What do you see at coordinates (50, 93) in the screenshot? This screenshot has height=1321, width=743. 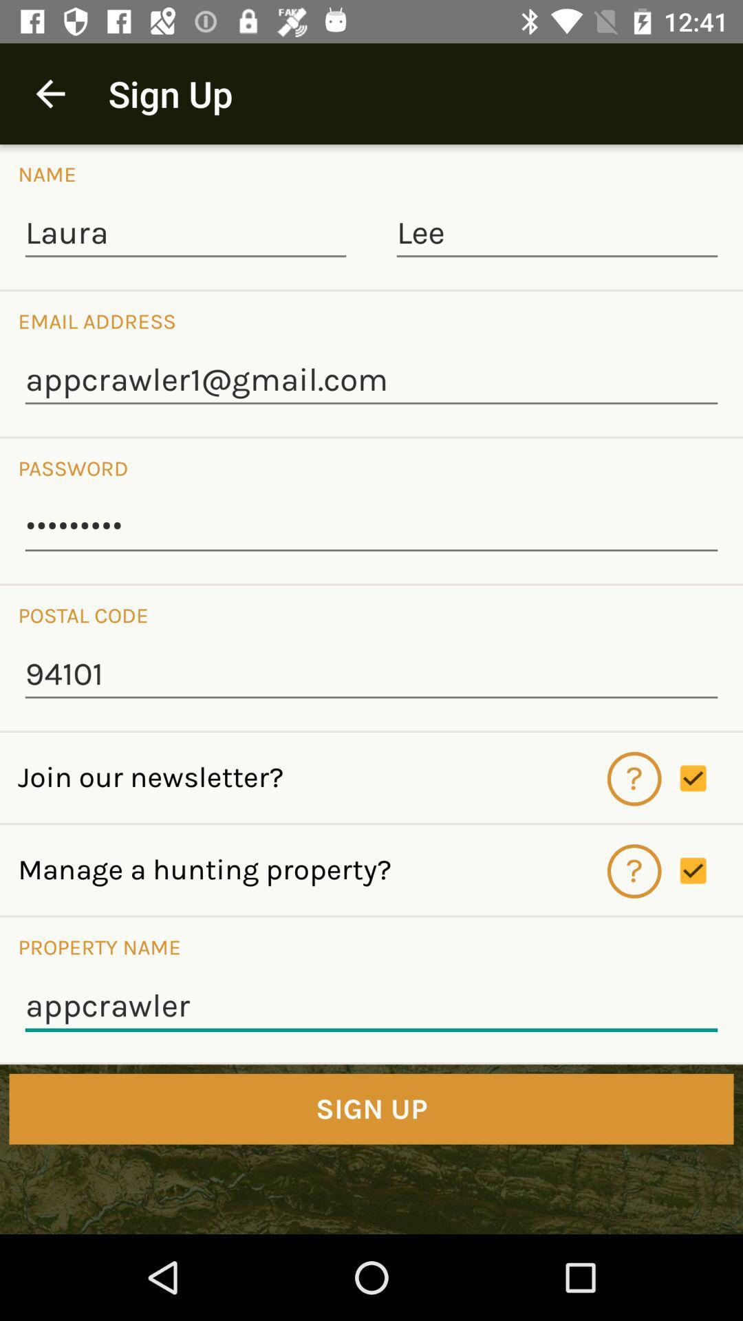 I see `icon to the left of the sign up` at bounding box center [50, 93].